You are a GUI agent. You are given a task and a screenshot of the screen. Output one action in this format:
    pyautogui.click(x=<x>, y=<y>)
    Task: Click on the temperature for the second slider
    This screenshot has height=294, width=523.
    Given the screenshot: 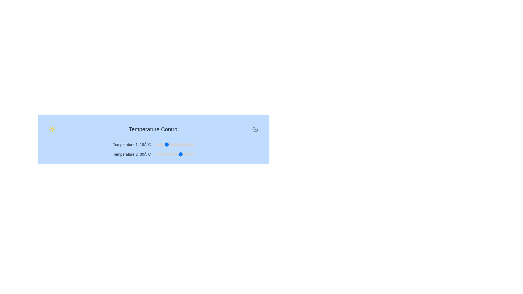 What is the action you would take?
    pyautogui.click(x=189, y=154)
    